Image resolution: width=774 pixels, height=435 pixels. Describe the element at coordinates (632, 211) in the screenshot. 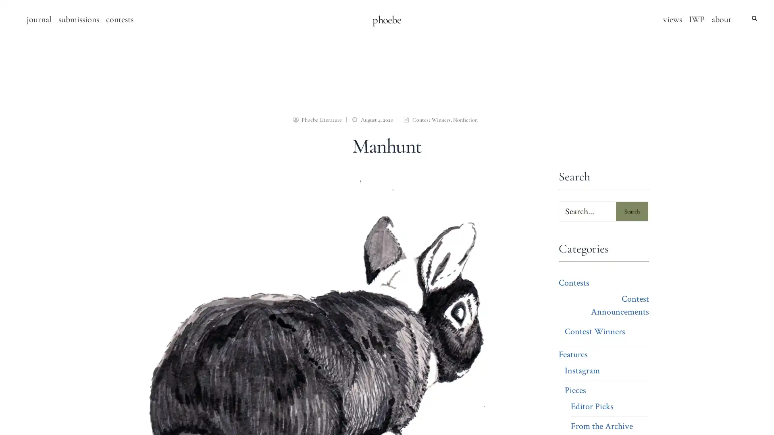

I see `Search` at that location.